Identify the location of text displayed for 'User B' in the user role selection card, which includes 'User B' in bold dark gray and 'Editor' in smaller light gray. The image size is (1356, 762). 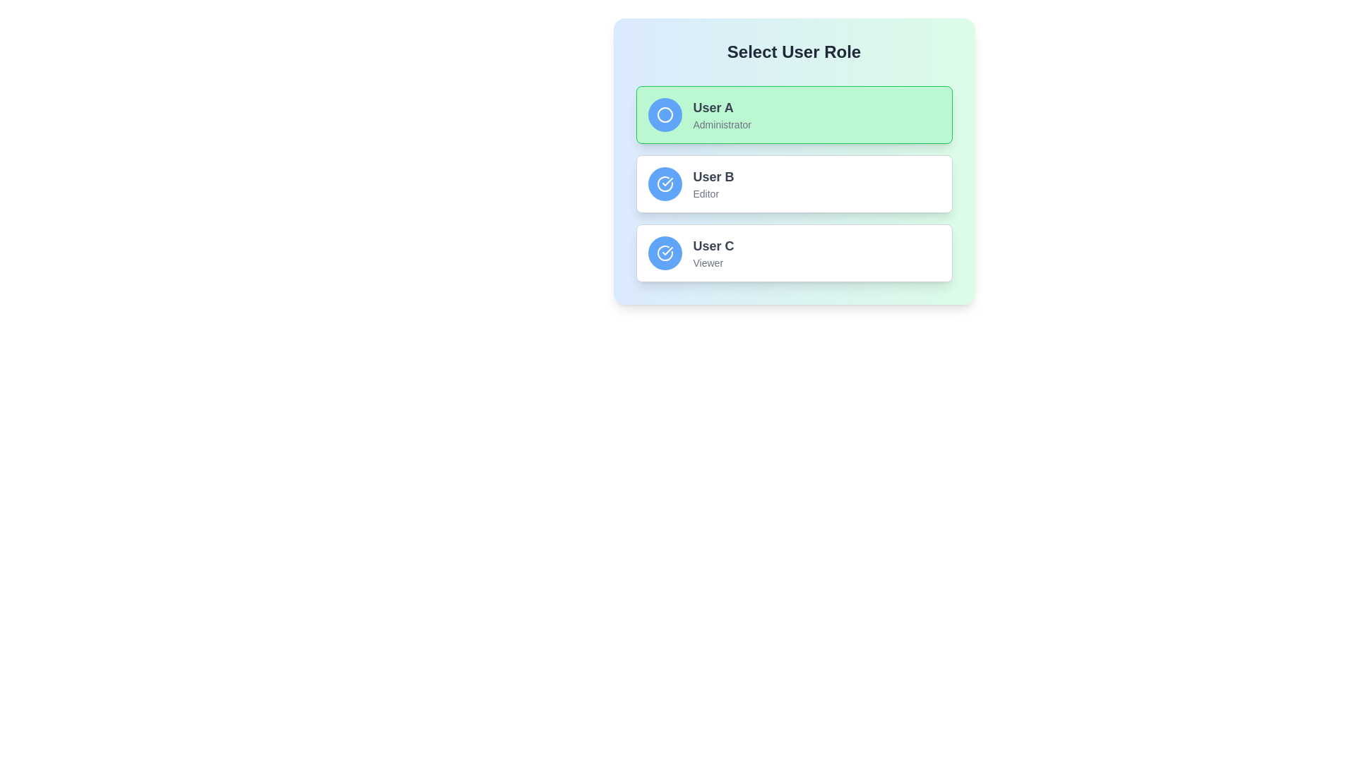
(713, 183).